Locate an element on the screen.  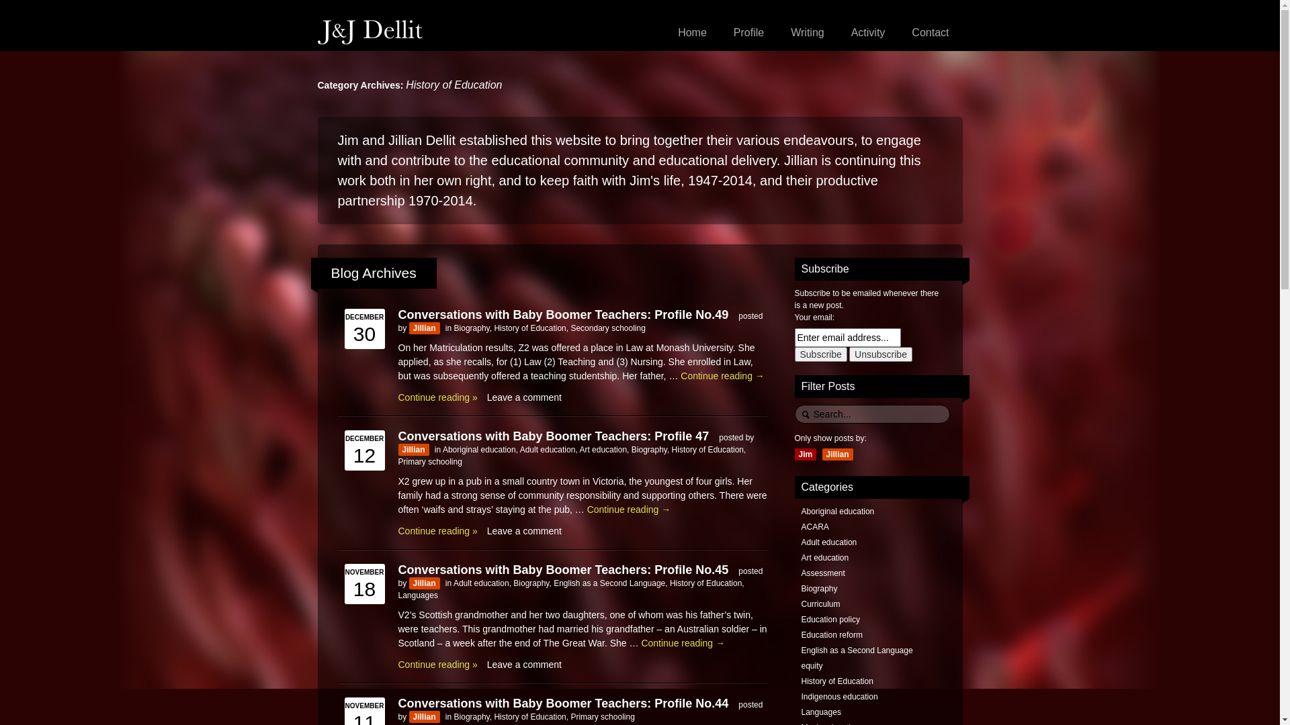
'Home' is located at coordinates (692, 32).